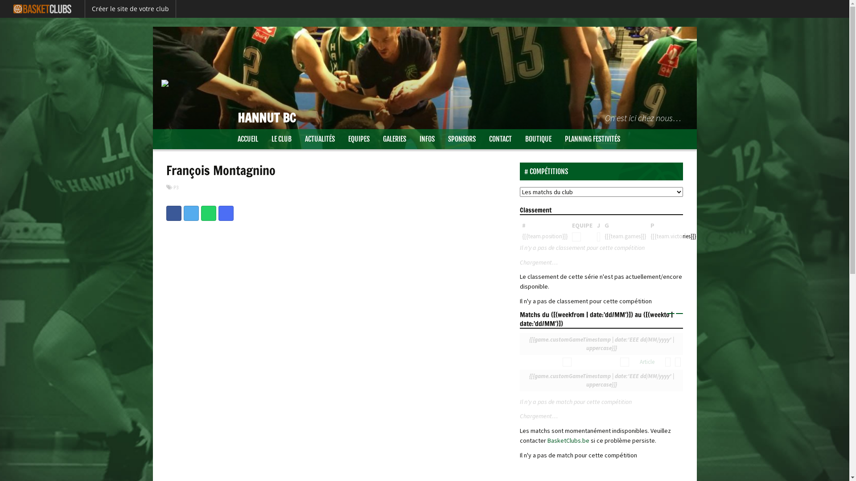 This screenshot has width=856, height=481. Describe the element at coordinates (427, 139) in the screenshot. I see `'INFOS'` at that location.